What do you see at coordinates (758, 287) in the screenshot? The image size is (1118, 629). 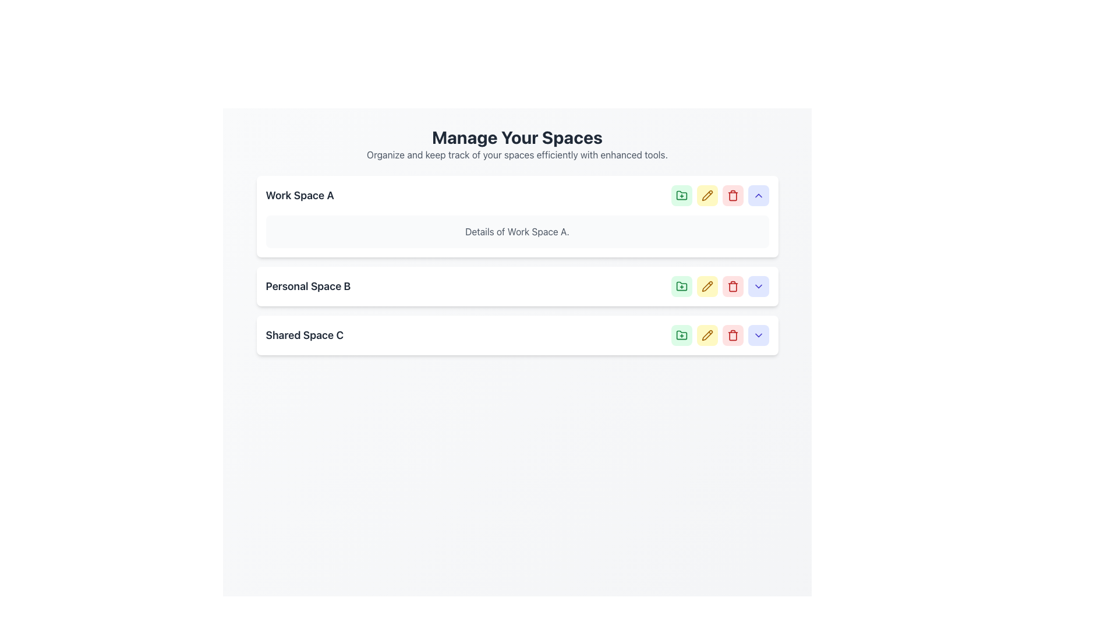 I see `the SVG Icon within the 'Toggle Details' button` at bounding box center [758, 287].